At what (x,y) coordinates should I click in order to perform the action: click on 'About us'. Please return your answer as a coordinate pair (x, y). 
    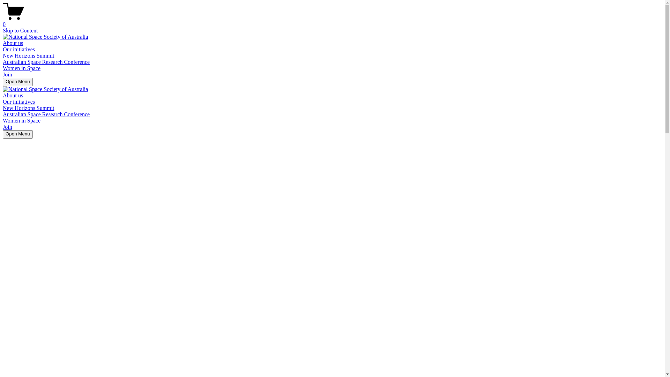
    Looking at the image, I should click on (3, 95).